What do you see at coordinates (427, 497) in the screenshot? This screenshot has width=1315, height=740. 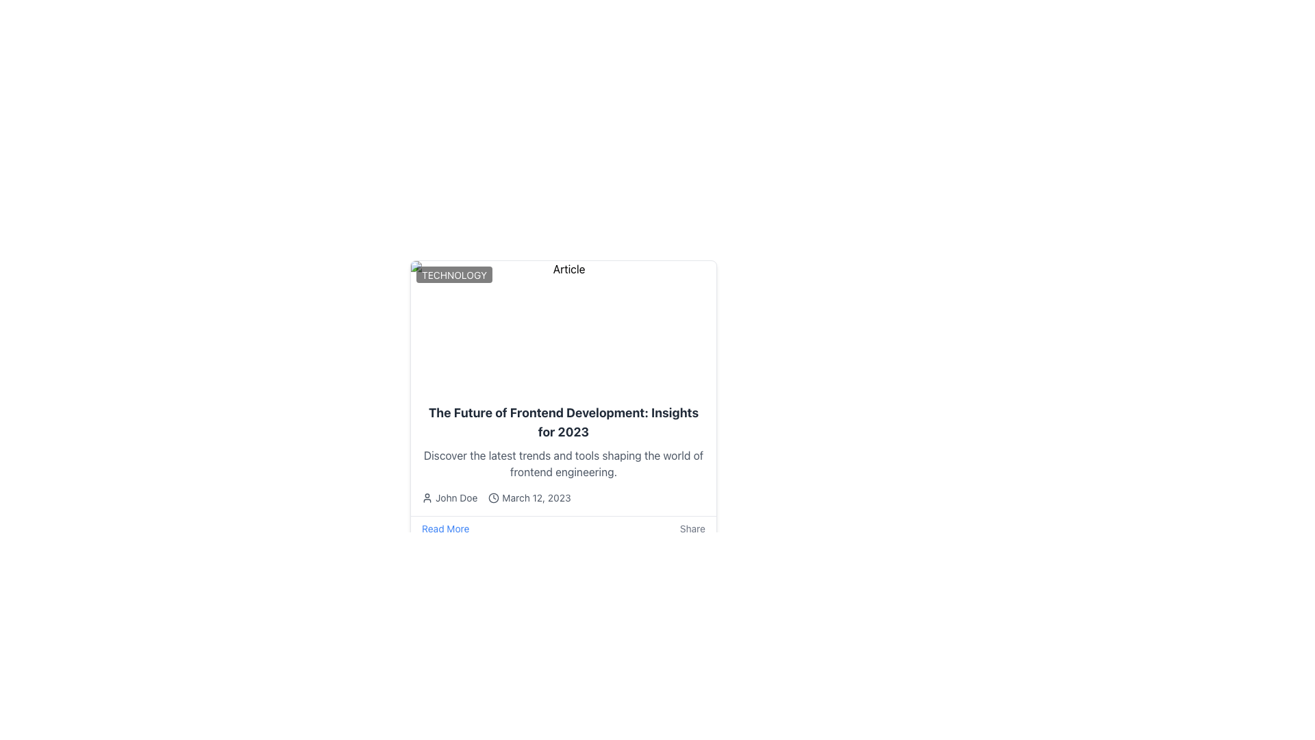 I see `the user profile icon, which is a minimalistic circular head with a curved line below, located before the text 'John Doe' and aligned with the clock icon` at bounding box center [427, 497].